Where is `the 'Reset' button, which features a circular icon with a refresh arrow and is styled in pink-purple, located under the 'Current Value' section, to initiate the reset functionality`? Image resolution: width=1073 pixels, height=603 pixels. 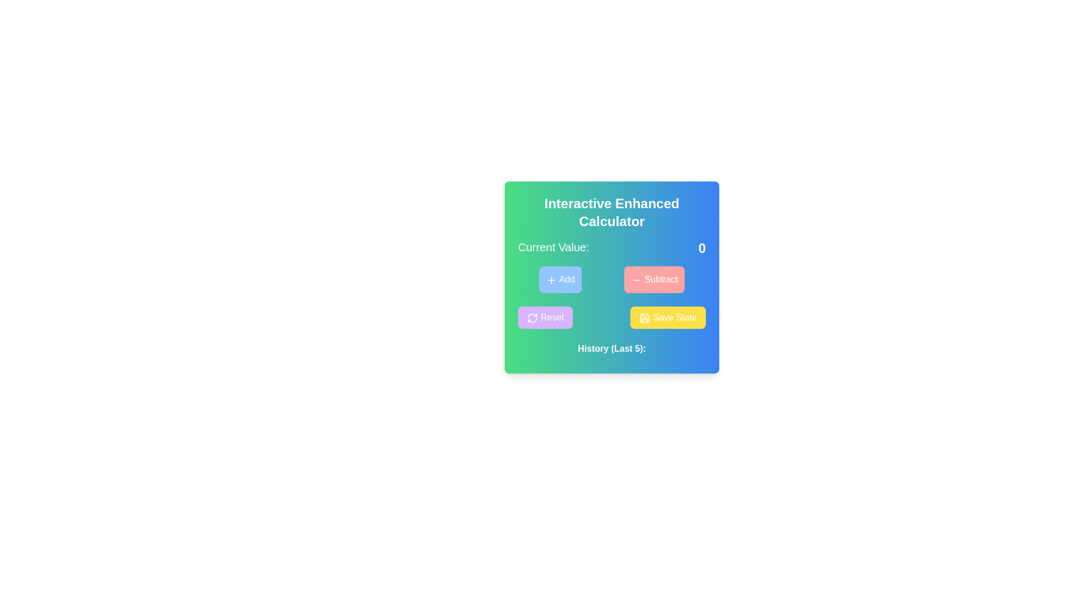
the 'Reset' button, which features a circular icon with a refresh arrow and is styled in pink-purple, located under the 'Current Value' section, to initiate the reset functionality is located at coordinates (532, 318).